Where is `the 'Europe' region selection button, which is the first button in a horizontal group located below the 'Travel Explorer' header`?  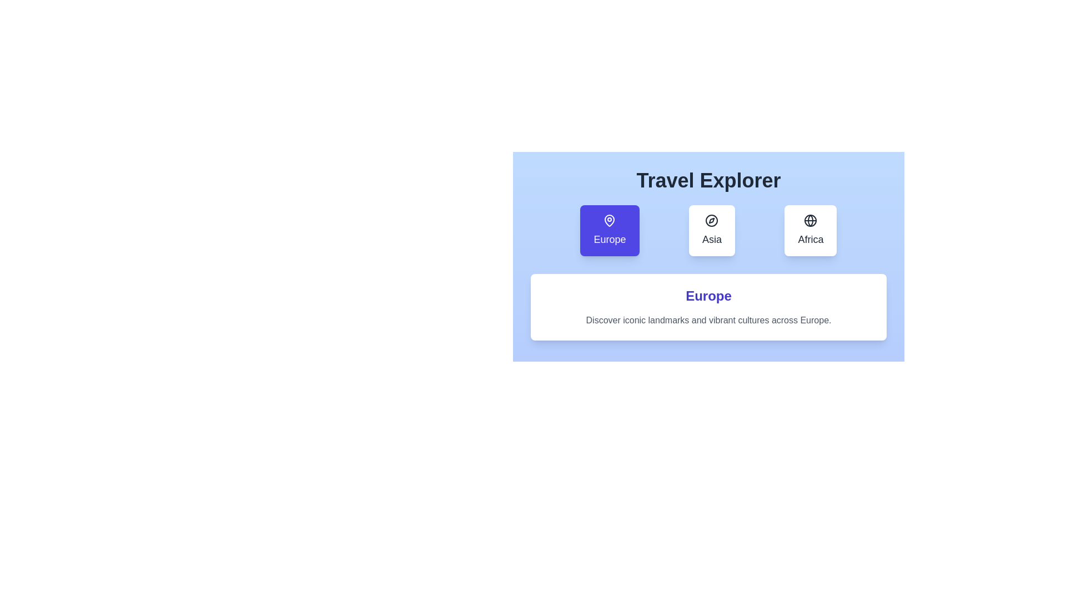
the 'Europe' region selection button, which is the first button in a horizontal group located below the 'Travel Explorer' header is located at coordinates (609, 230).